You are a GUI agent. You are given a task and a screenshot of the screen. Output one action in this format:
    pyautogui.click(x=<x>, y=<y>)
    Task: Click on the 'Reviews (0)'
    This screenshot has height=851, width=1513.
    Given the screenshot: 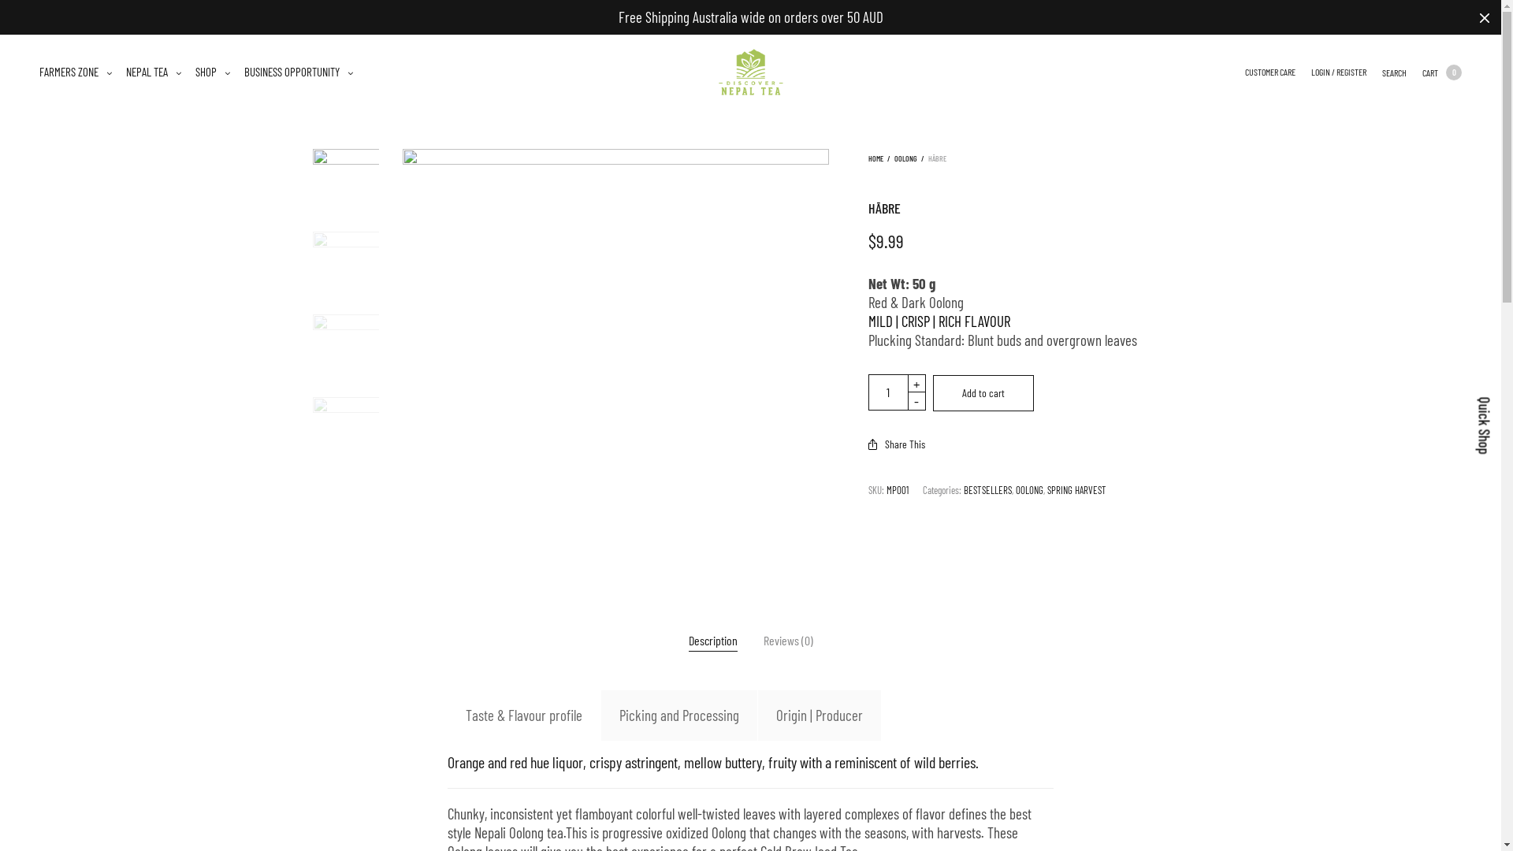 What is the action you would take?
    pyautogui.click(x=787, y=641)
    